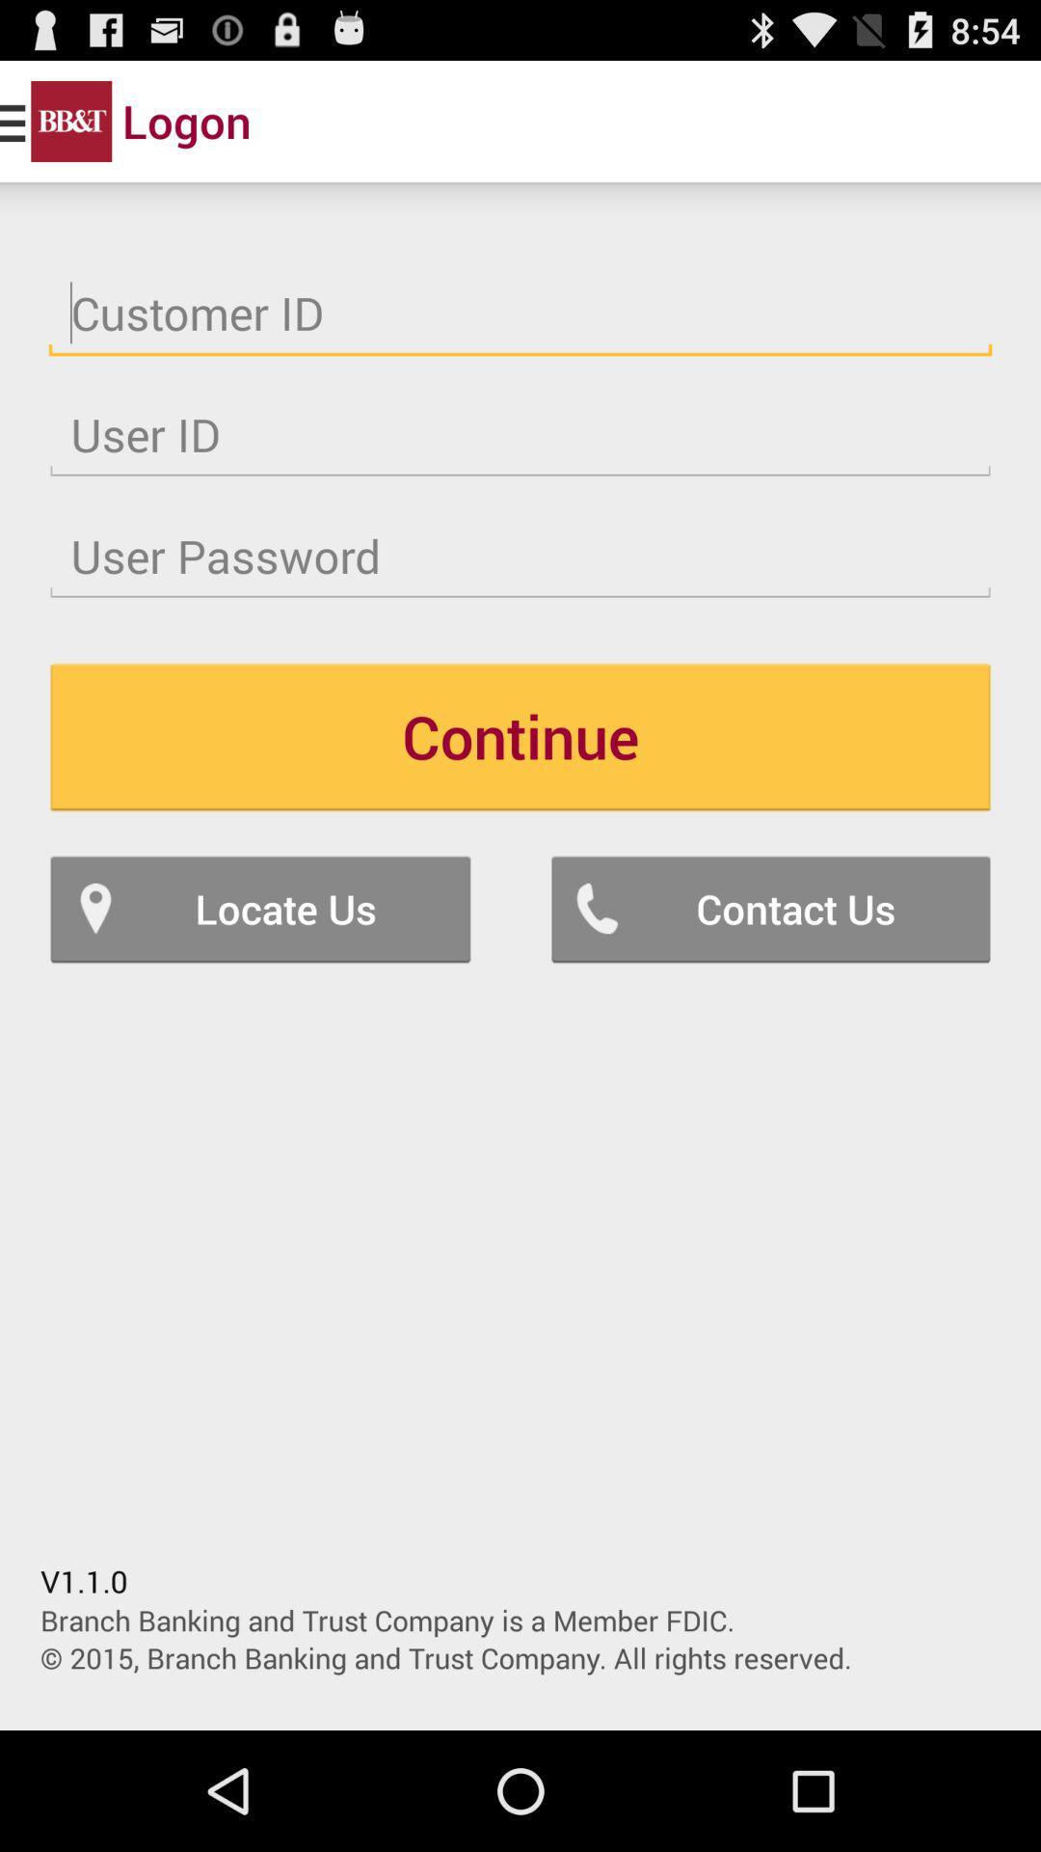  I want to click on icon below continue icon, so click(260, 908).